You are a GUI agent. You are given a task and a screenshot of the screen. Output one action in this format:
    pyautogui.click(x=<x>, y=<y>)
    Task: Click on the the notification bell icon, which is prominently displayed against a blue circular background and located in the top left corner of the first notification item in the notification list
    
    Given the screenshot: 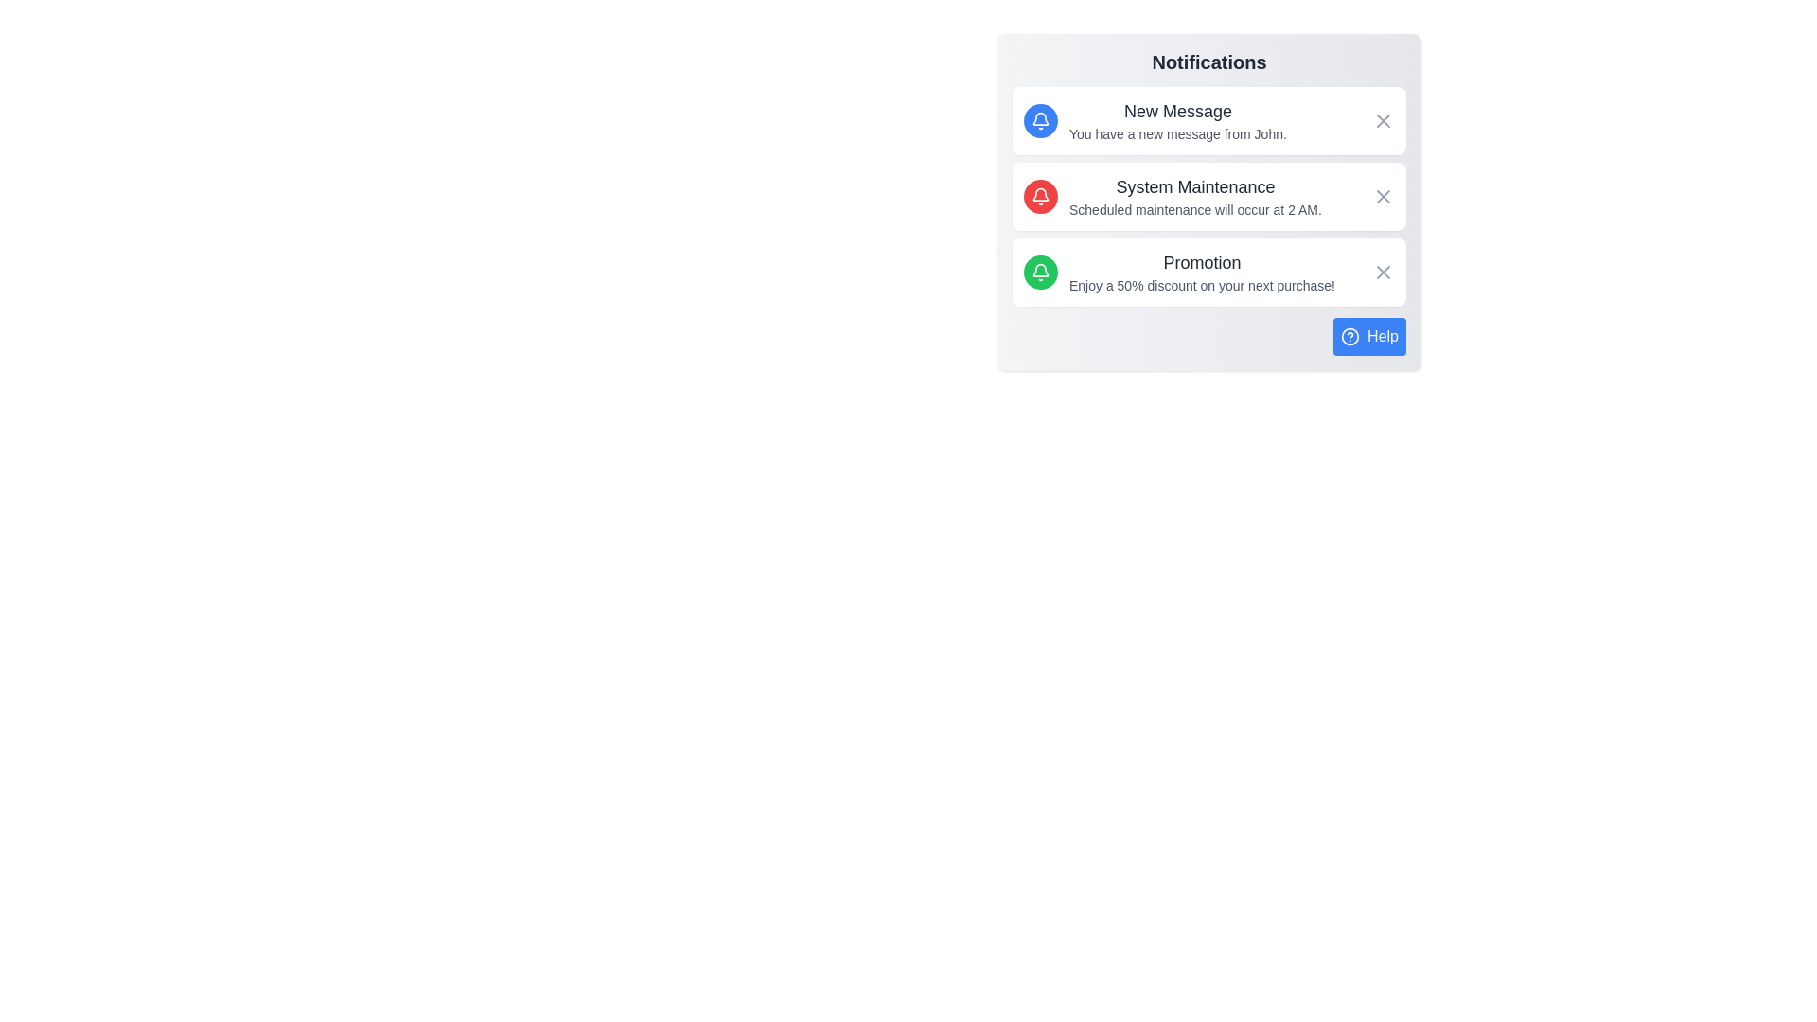 What is the action you would take?
    pyautogui.click(x=1039, y=120)
    